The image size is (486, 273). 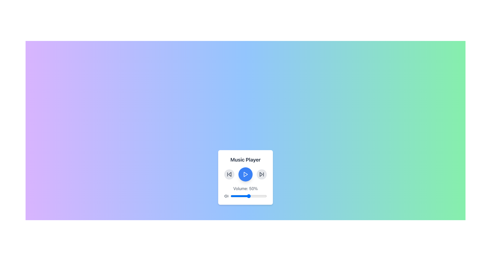 I want to click on the circular blue button with a white play icon, so click(x=245, y=174).